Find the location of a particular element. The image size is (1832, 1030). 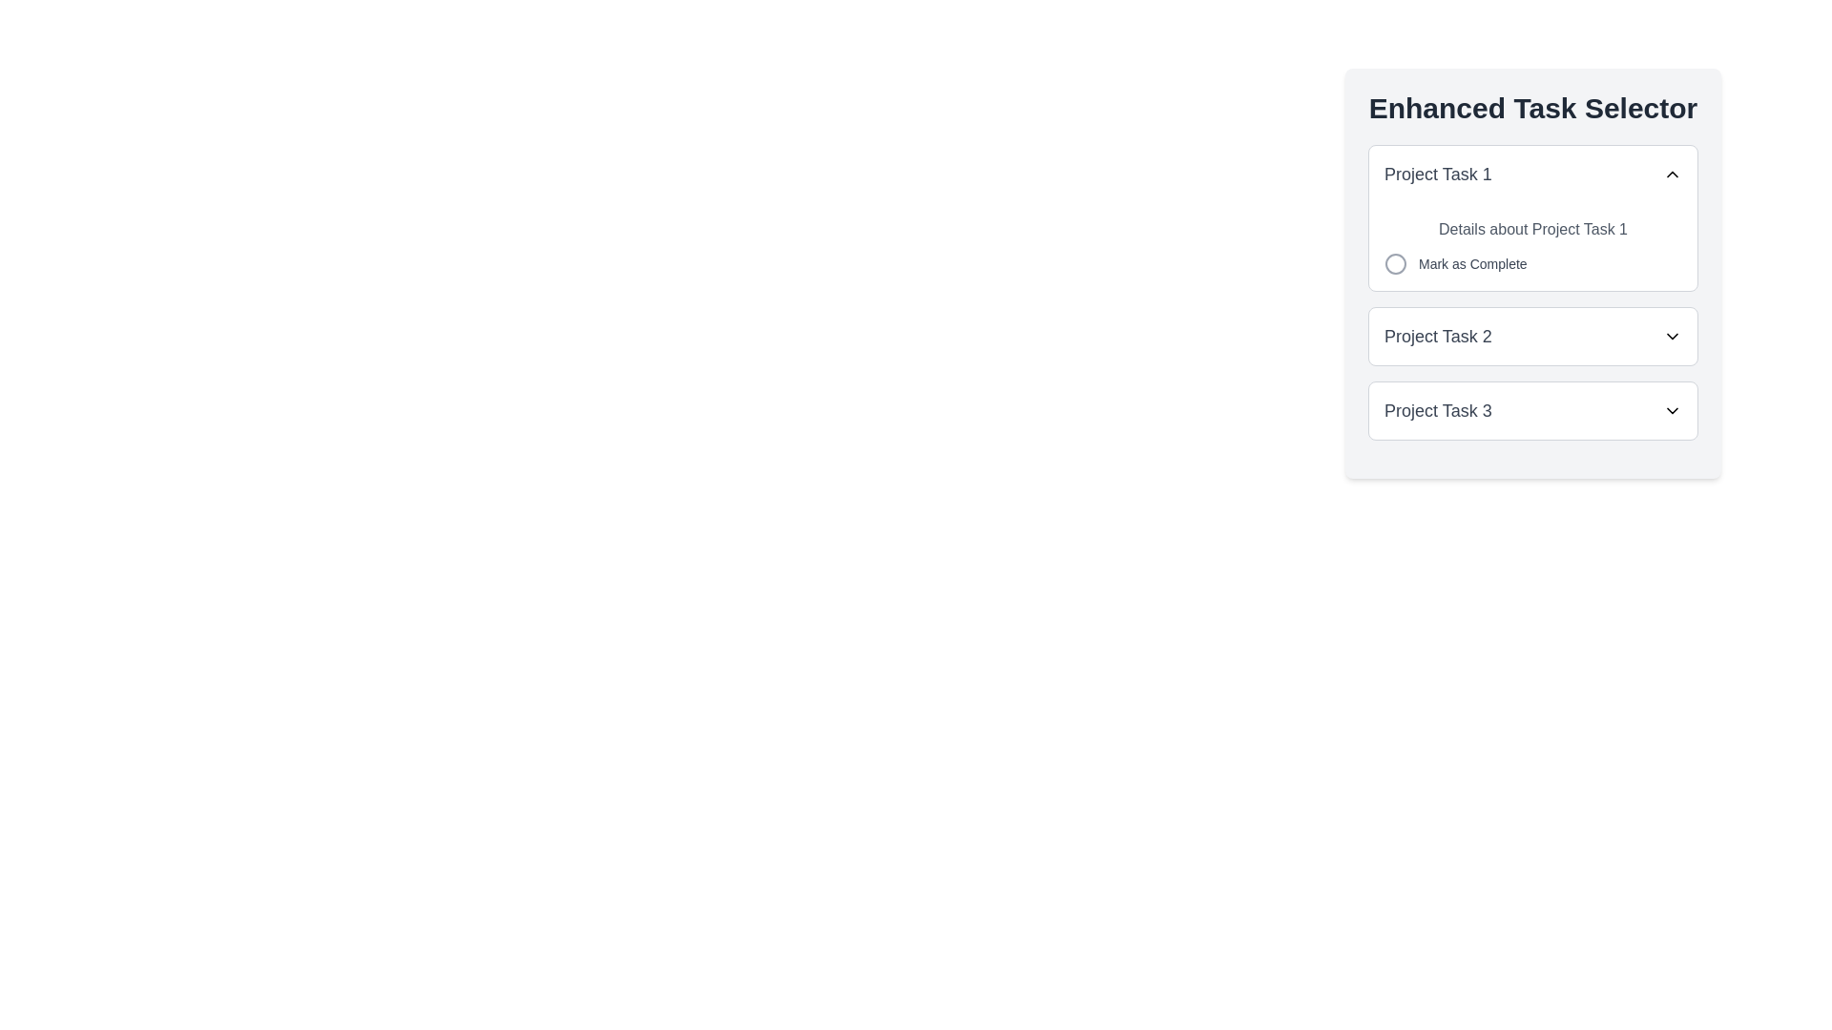

the Task segment titled 'Project Task 1' is located at coordinates (1533, 293).